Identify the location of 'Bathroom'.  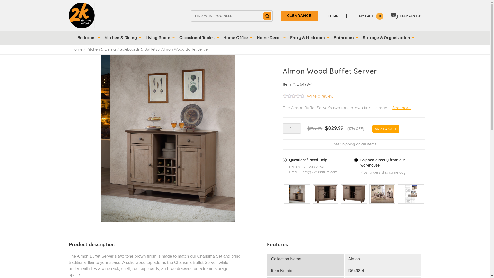
(345, 37).